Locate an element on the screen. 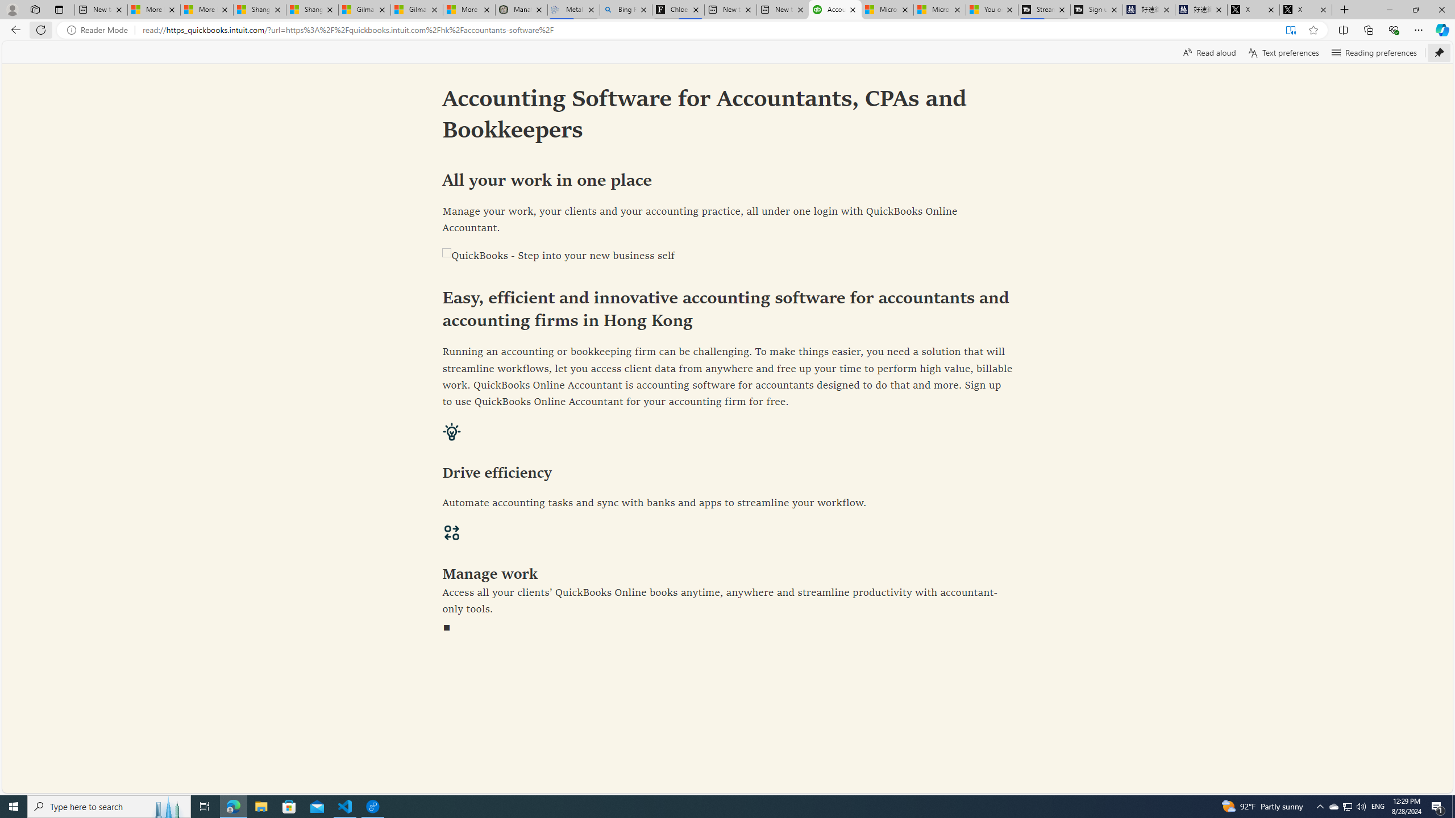 This screenshot has height=818, width=1455. 'Unpin toolbar' is located at coordinates (1439, 52).